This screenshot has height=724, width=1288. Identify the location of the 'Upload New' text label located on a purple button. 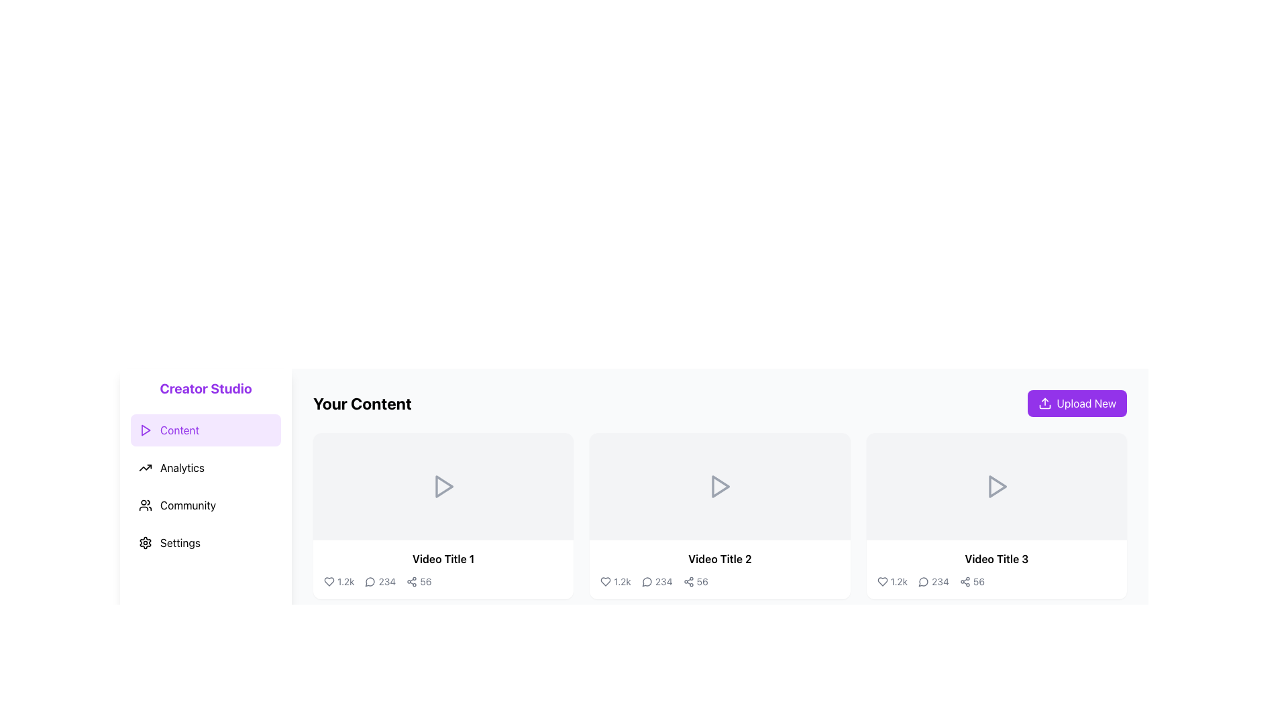
(1086, 402).